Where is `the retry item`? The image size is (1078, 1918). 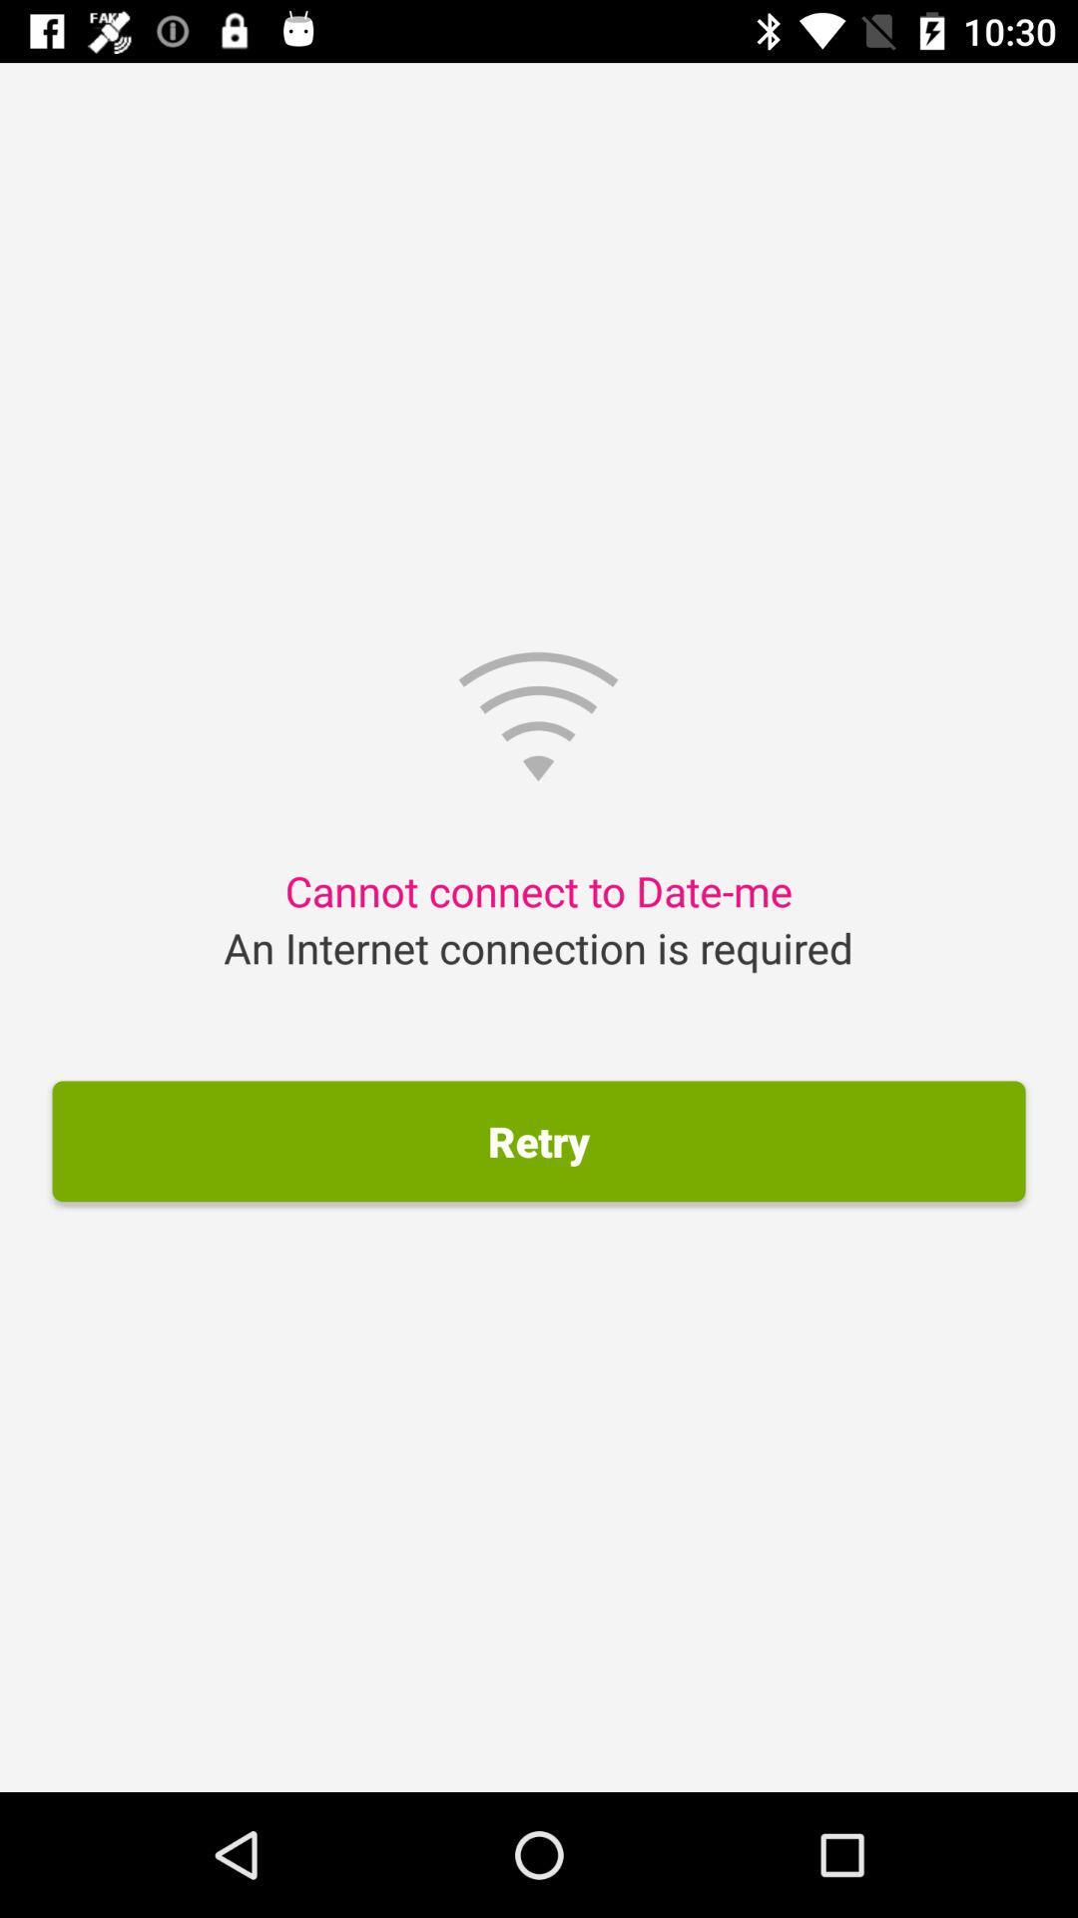 the retry item is located at coordinates (539, 1141).